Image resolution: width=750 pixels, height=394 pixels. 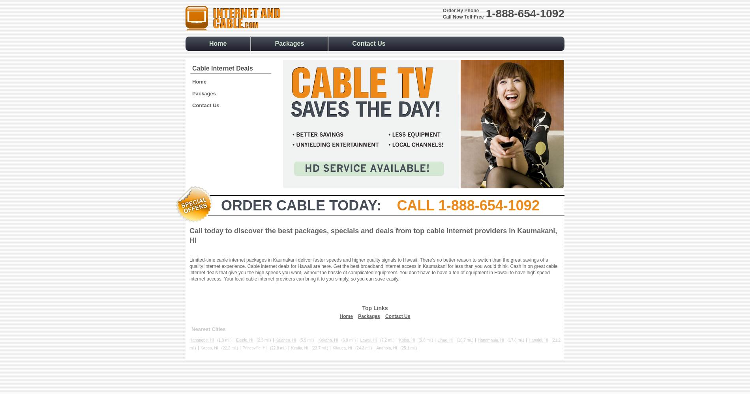 I want to click on 'Kapaa, HI', so click(x=209, y=348).